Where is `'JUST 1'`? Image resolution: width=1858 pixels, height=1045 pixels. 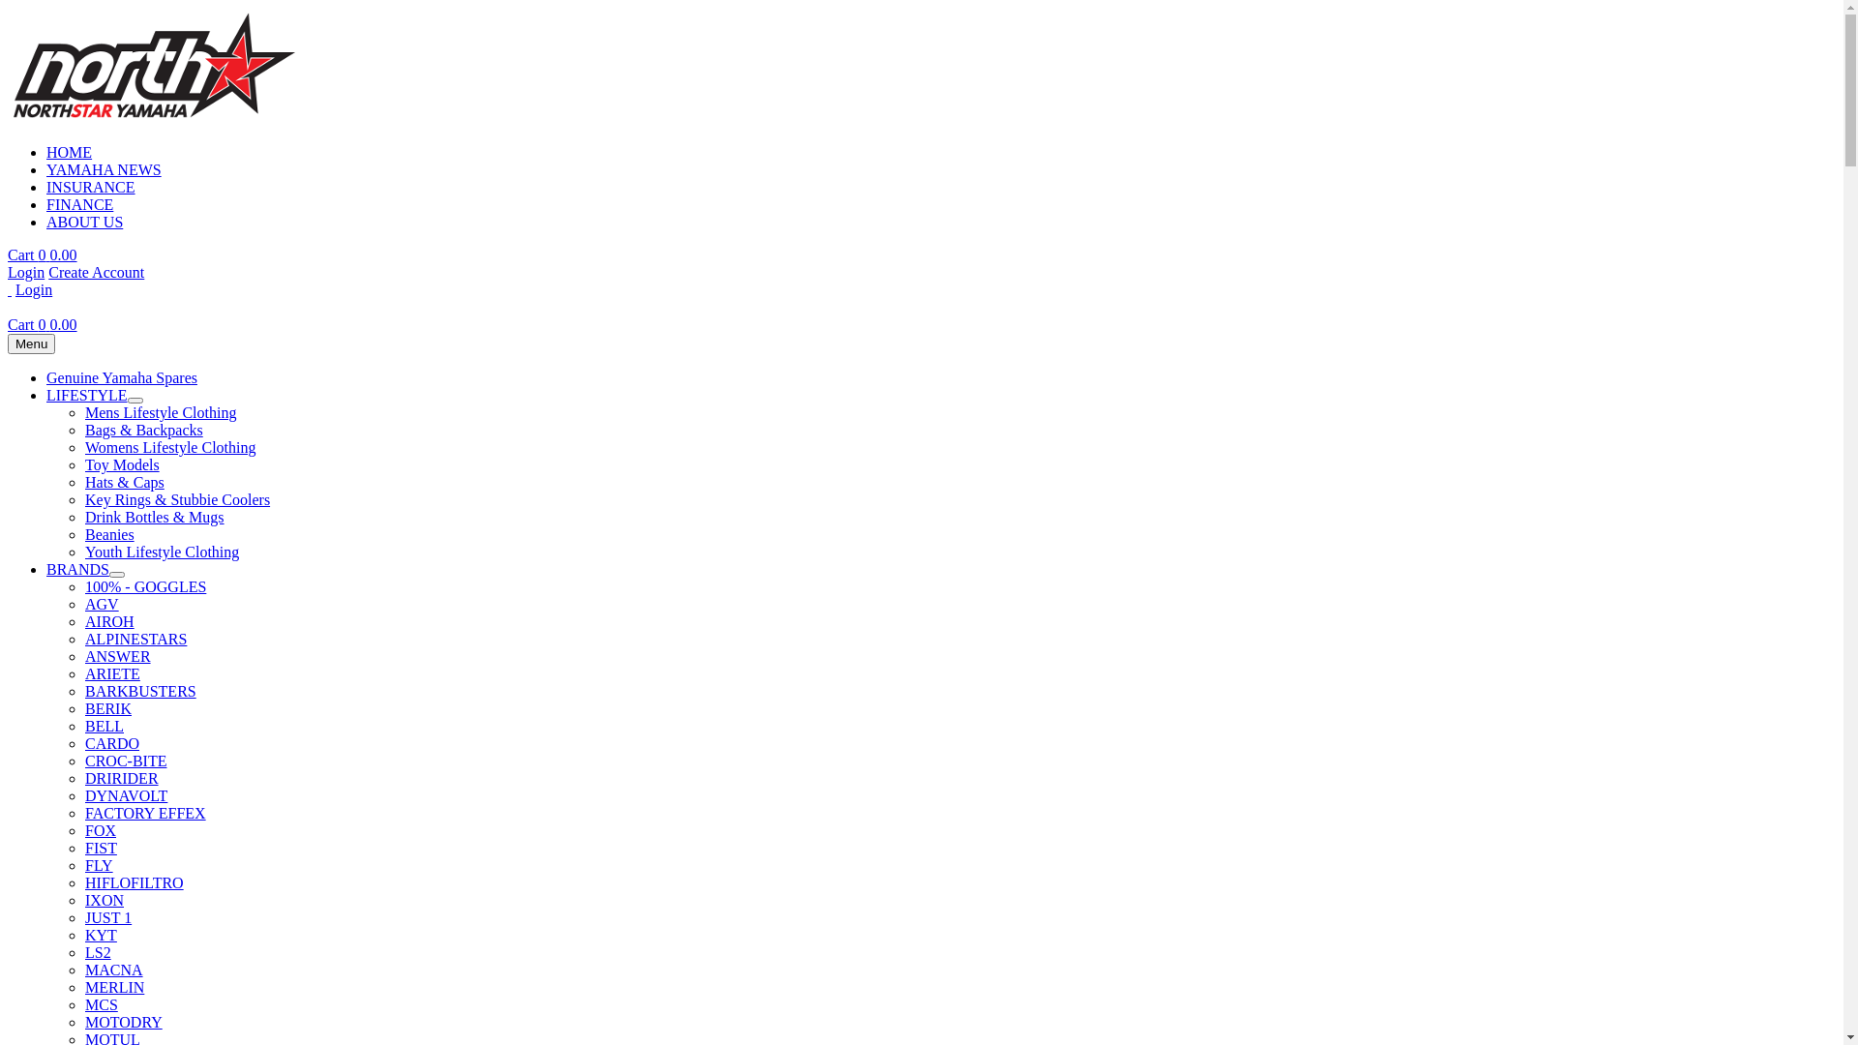
'JUST 1' is located at coordinates (106, 916).